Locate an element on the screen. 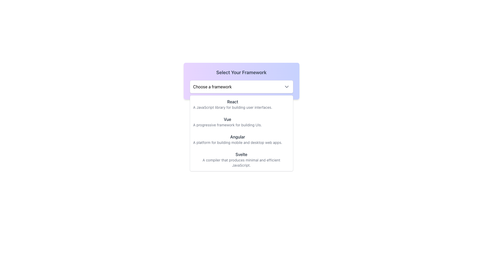 Image resolution: width=496 pixels, height=279 pixels. the descriptive text element located directly beneath the word 'React', which provides a brief explanation of its purpose is located at coordinates (232, 107).